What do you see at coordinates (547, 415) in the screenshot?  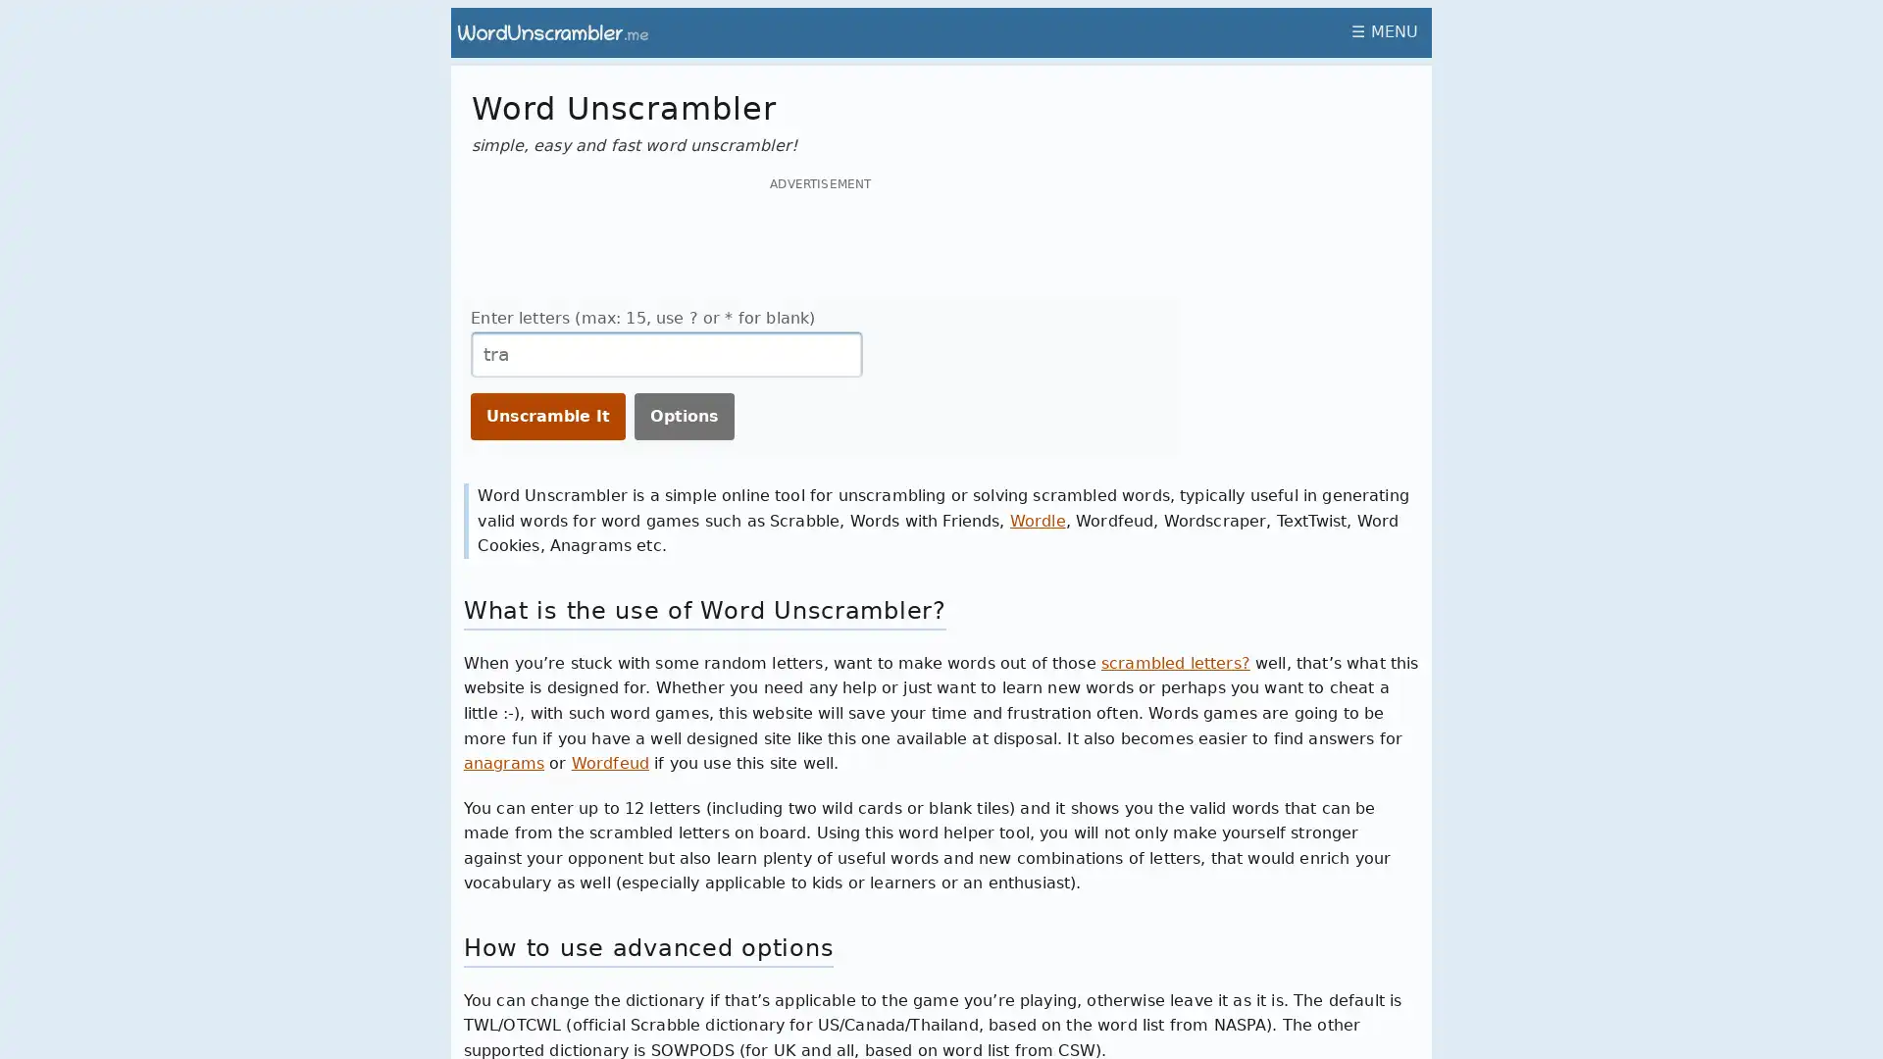 I see `Unscramble It` at bounding box center [547, 415].